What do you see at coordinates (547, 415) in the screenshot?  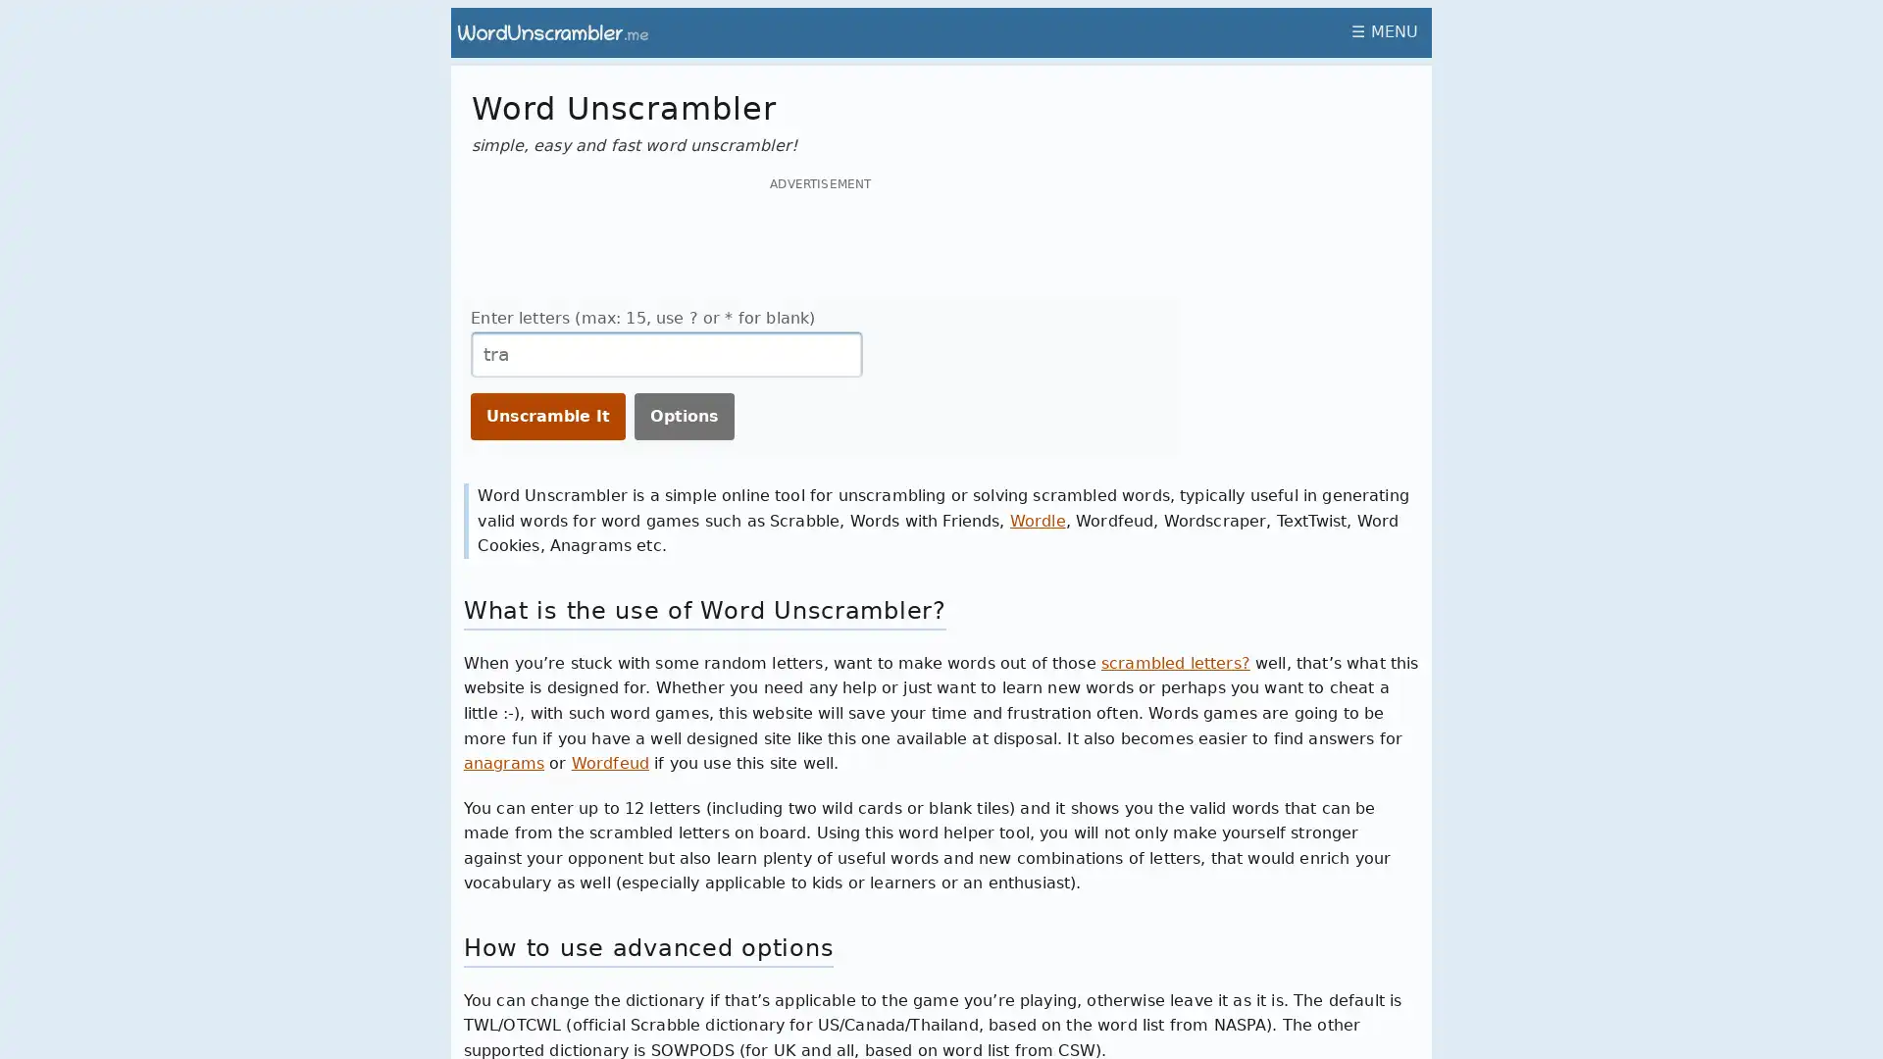 I see `Unscramble It` at bounding box center [547, 415].